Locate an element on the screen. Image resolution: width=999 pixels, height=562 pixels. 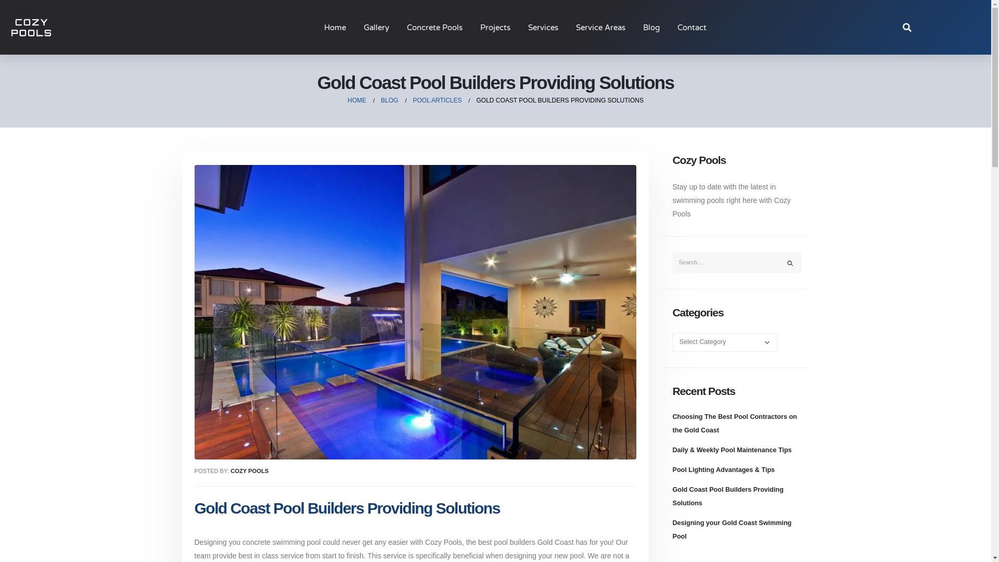
'Blog' is located at coordinates (651, 27).